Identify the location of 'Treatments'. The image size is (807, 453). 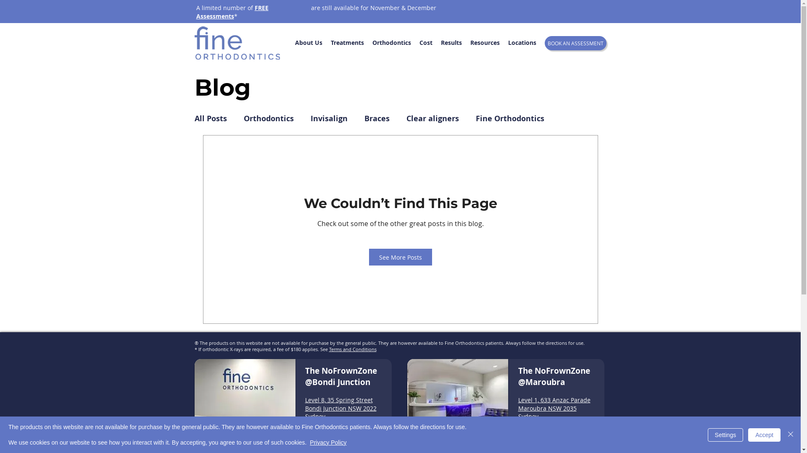
(347, 43).